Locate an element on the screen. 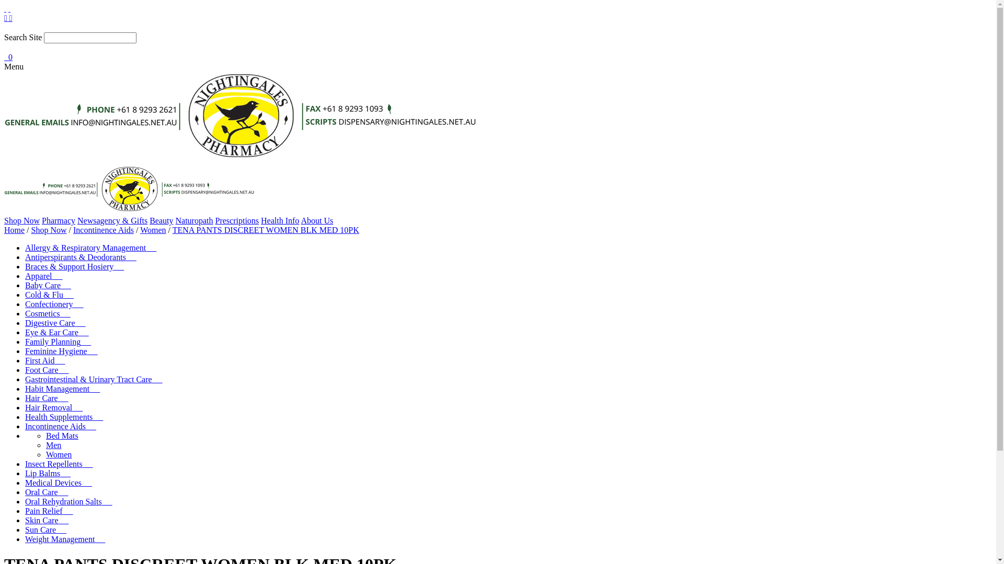 The width and height of the screenshot is (1004, 564). 'Insect Repellents     ' is located at coordinates (59, 463).